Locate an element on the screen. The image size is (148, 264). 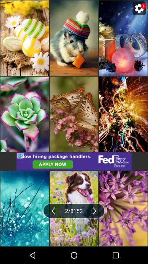
open advertisement is located at coordinates (74, 161).